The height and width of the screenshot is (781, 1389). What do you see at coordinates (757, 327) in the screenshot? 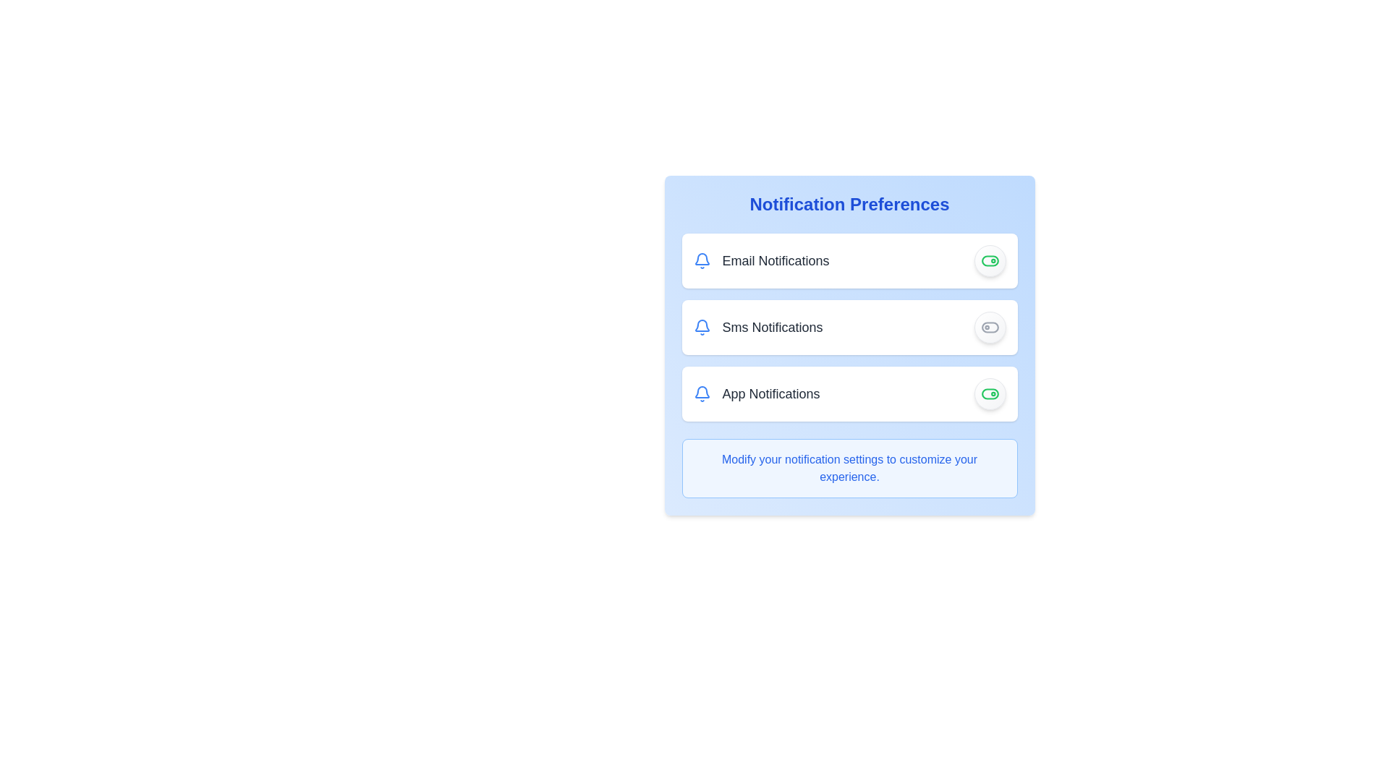
I see `'Sms Notifications' label element, which features a bell icon colored blue, located in the 'Notification Preferences' section, below 'Email Notifications'` at bounding box center [757, 327].